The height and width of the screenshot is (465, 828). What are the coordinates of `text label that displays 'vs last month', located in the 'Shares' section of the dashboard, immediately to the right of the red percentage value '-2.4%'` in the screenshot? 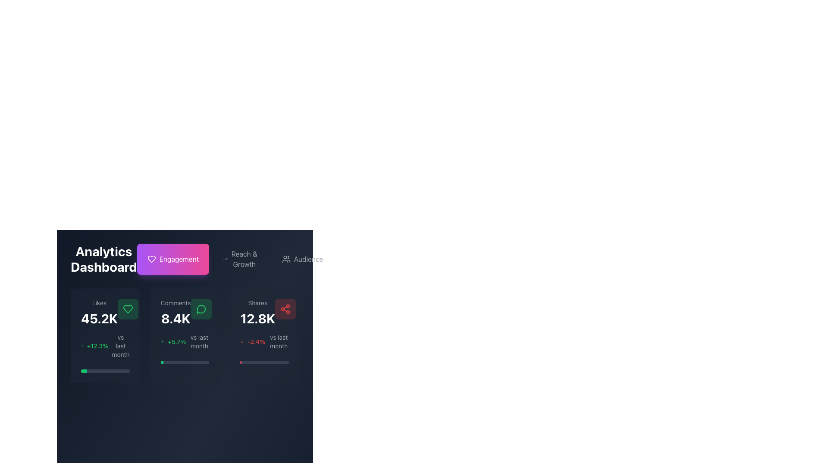 It's located at (279, 341).